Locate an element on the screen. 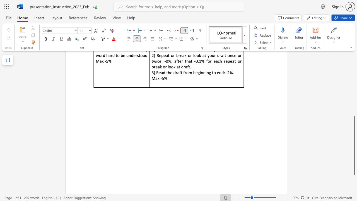 The width and height of the screenshot is (357, 201). the scrollbar and move down 120 pixels is located at coordinates (354, 145).